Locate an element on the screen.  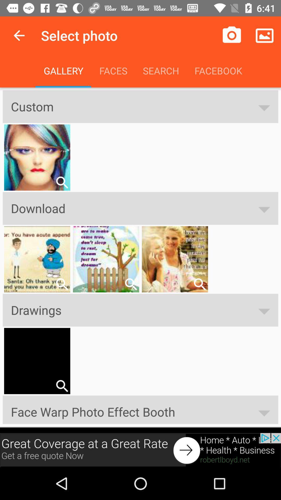
open the image is located at coordinates (62, 284).